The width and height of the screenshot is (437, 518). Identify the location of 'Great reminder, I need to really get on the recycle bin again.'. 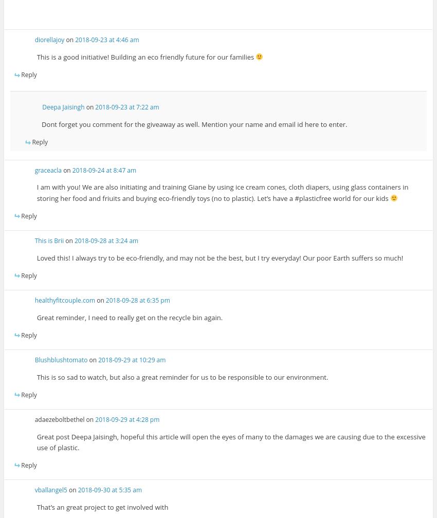
(36, 317).